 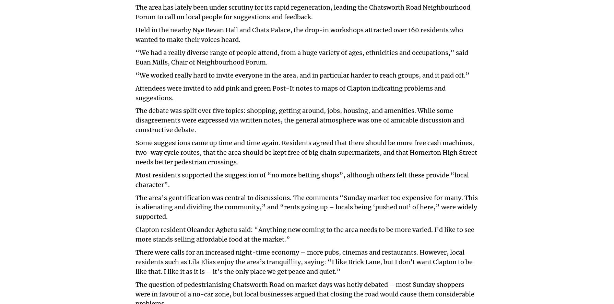 I want to click on 'The area has lately been under scrutiny for its rapid regeneration, leading the Chatsworth Road Neighbourhood Forum to call on local people for suggestions and feedback.', so click(x=303, y=12).